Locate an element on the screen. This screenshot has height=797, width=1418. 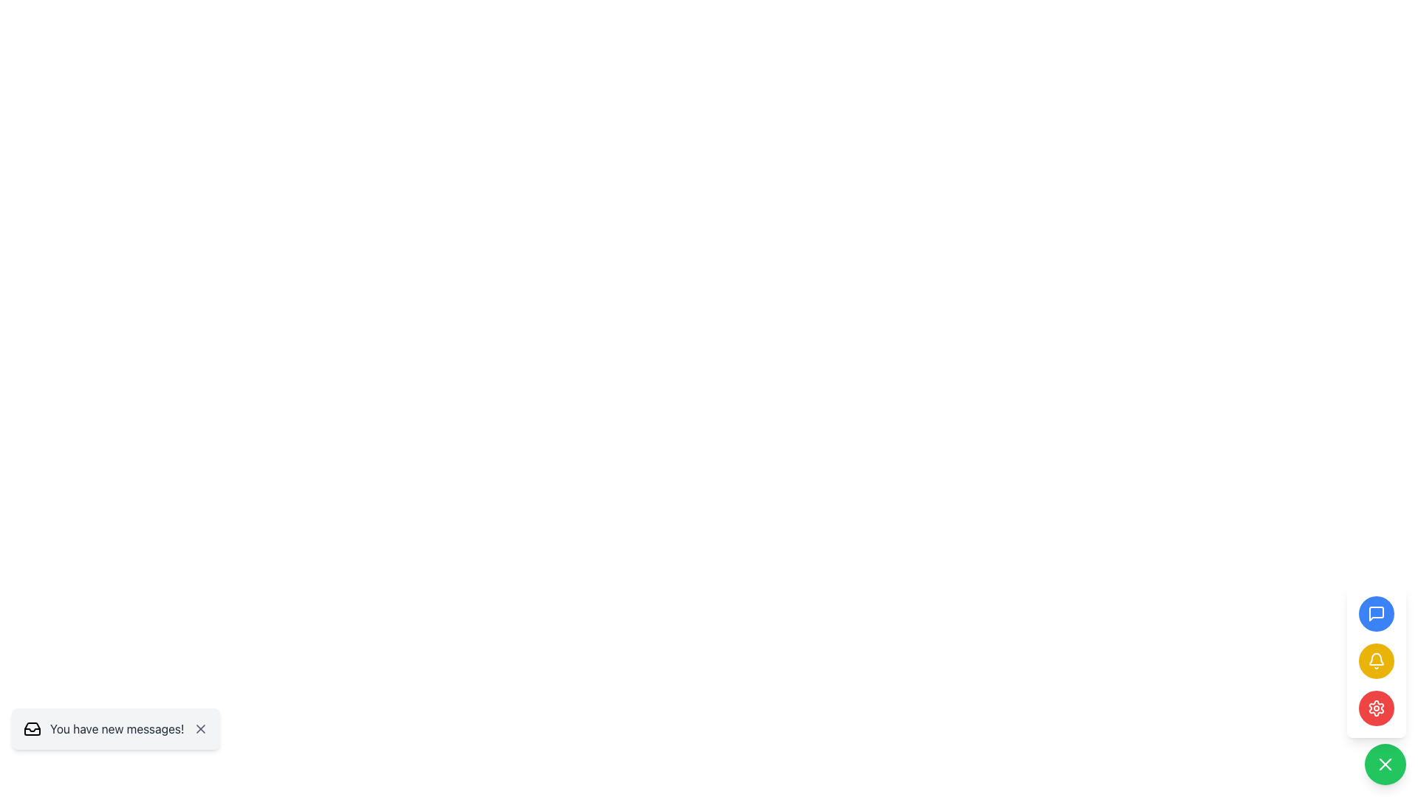
the closure icon represented by an 'X' symbol located in the bottom-right corner of the interface is located at coordinates (199, 728).